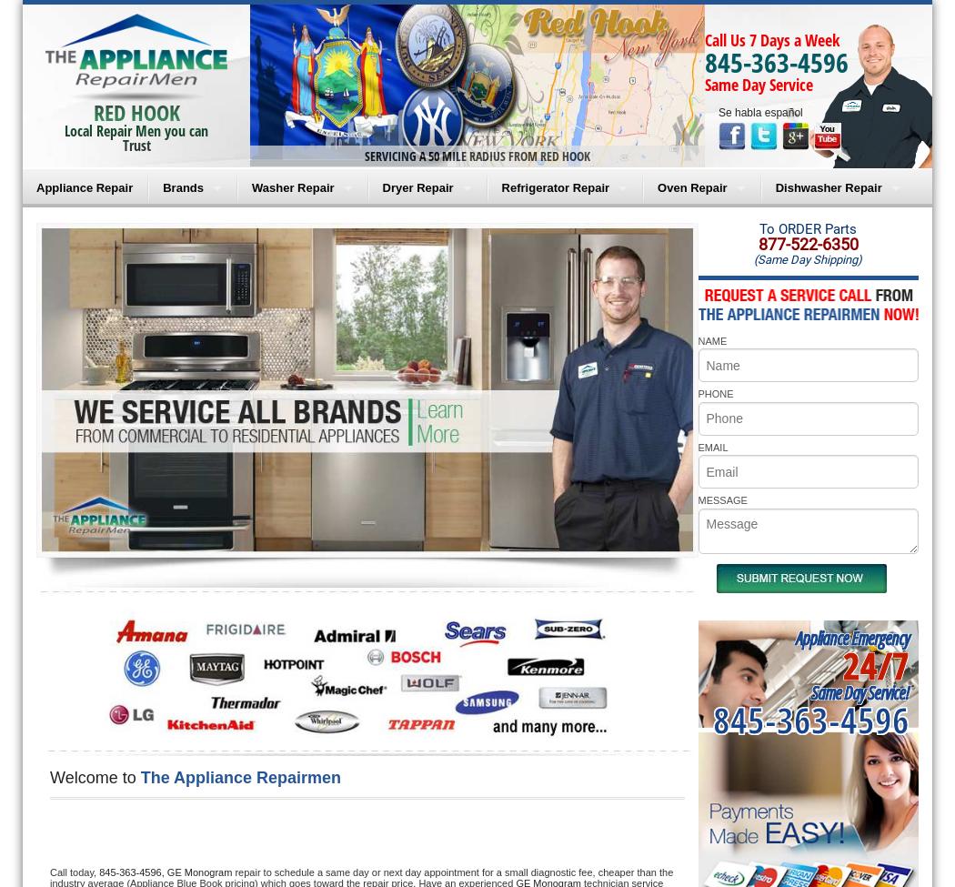  I want to click on 'To ORDER Parts', so click(807, 229).